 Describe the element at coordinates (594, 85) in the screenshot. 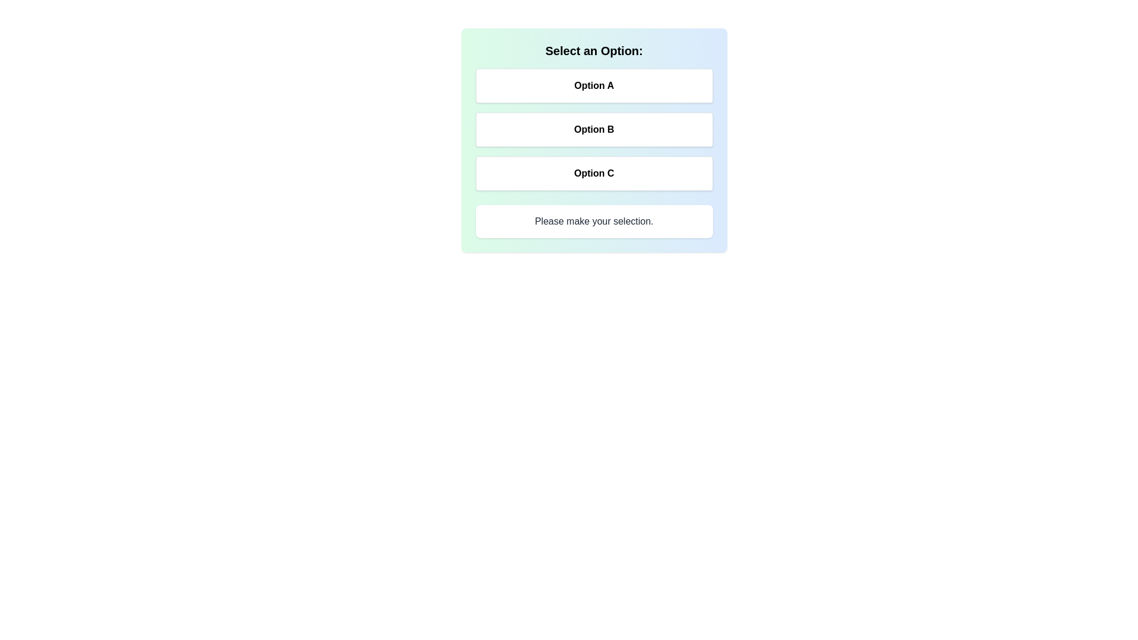

I see `the first selectable option button labeled 'Option A' in the list of choices located below the heading 'Select an Option:'` at that location.